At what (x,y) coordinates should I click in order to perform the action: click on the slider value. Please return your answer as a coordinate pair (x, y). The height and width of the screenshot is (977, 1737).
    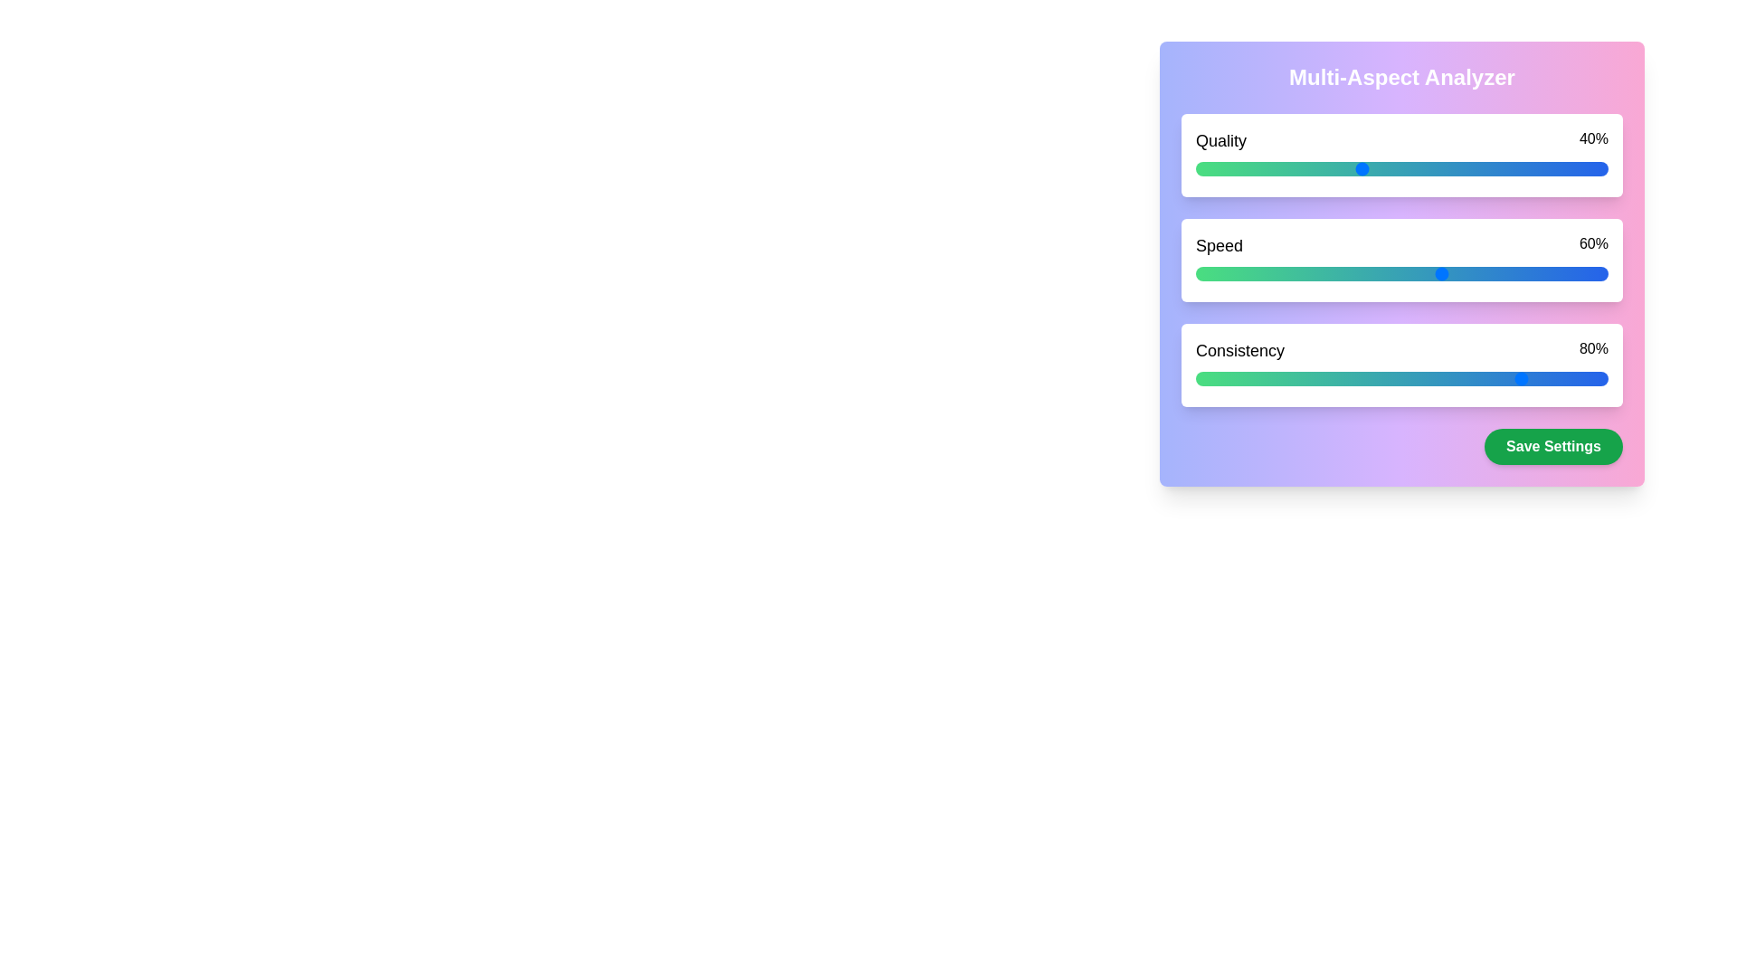
    Looking at the image, I should click on (1384, 378).